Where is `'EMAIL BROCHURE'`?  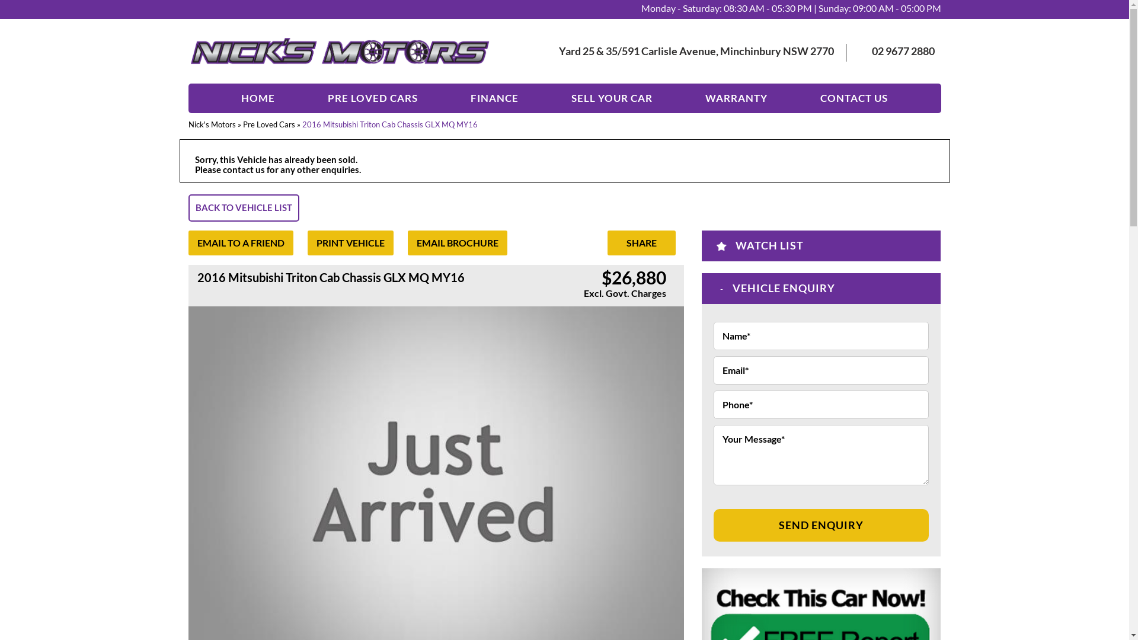 'EMAIL BROCHURE' is located at coordinates (457, 242).